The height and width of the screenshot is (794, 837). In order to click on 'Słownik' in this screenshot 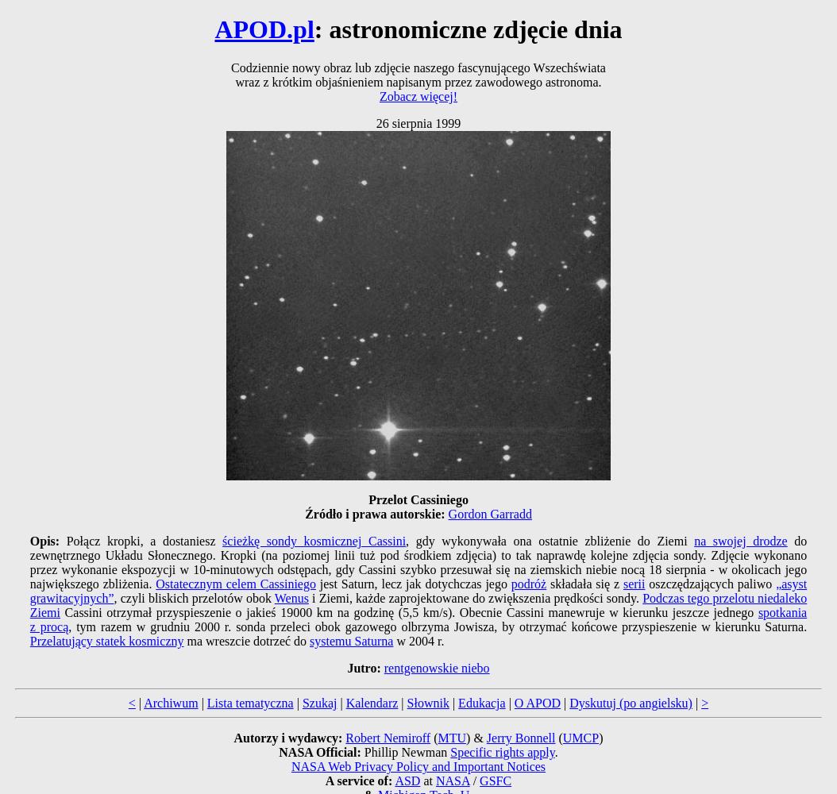, I will do `click(427, 703)`.